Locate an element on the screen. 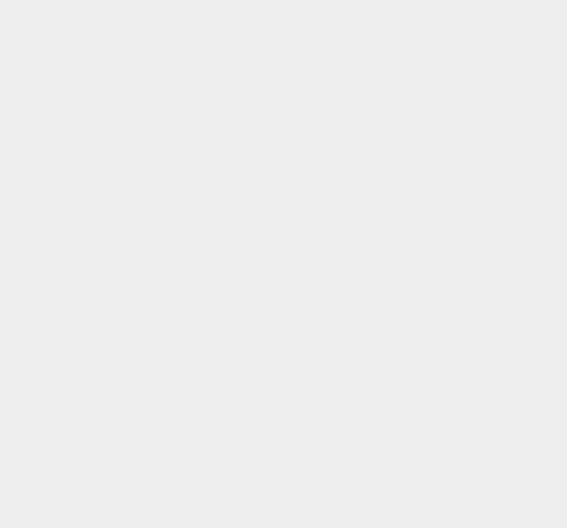  'Facebook Apps' is located at coordinates (424, 364).